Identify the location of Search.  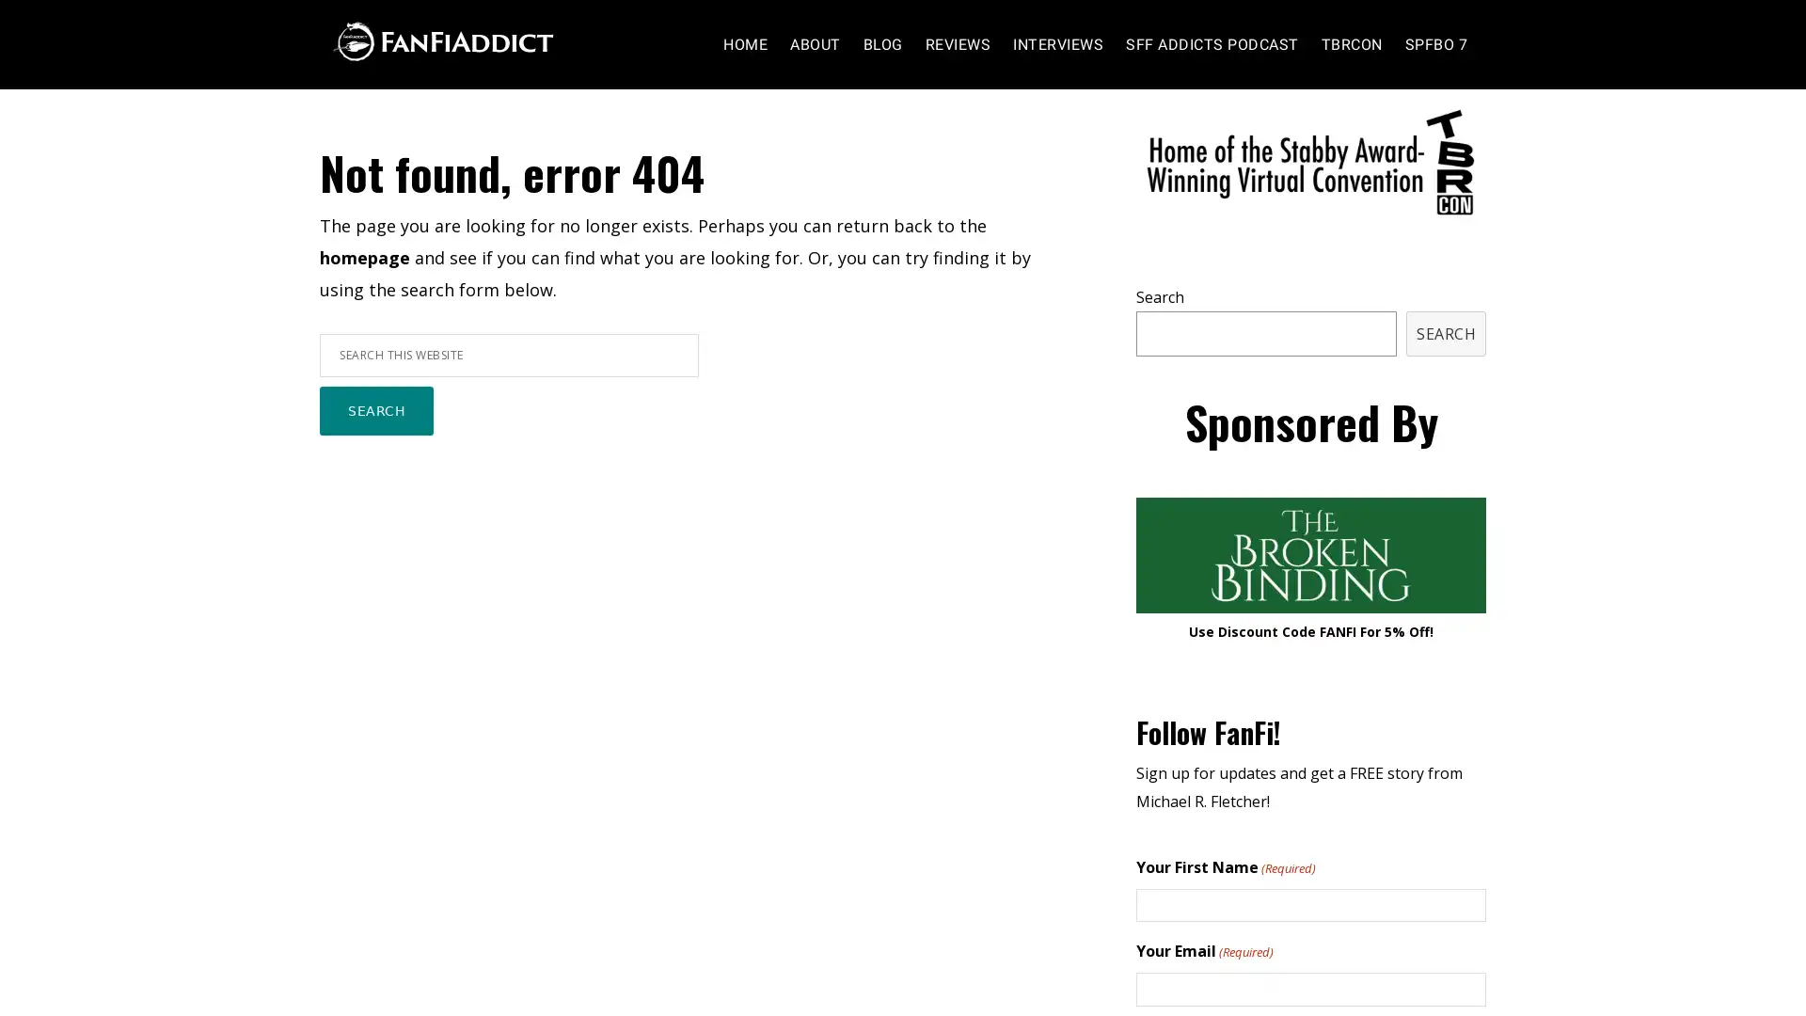
(376, 449).